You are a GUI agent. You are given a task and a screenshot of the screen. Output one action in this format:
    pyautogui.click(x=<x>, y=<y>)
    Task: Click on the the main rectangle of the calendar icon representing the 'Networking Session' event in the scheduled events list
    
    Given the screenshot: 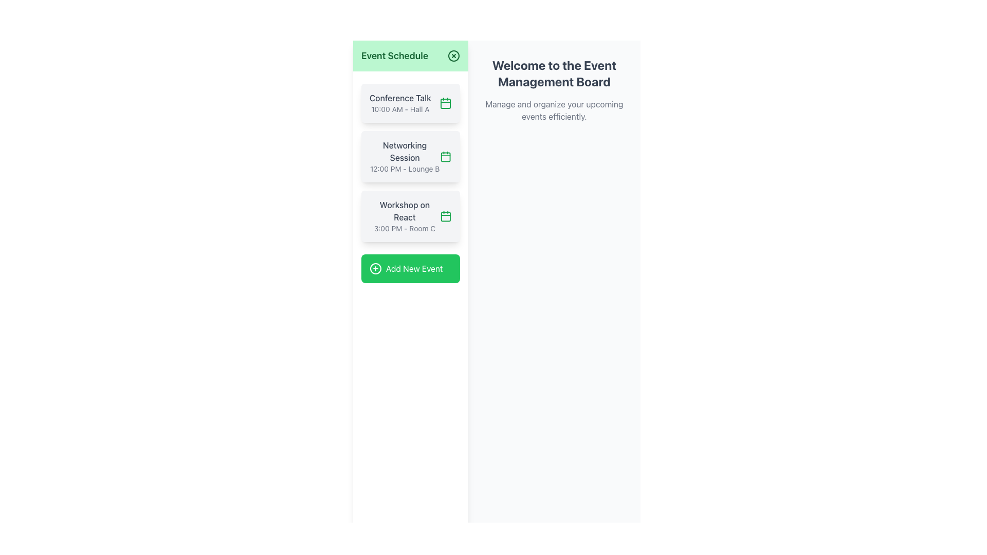 What is the action you would take?
    pyautogui.click(x=446, y=157)
    